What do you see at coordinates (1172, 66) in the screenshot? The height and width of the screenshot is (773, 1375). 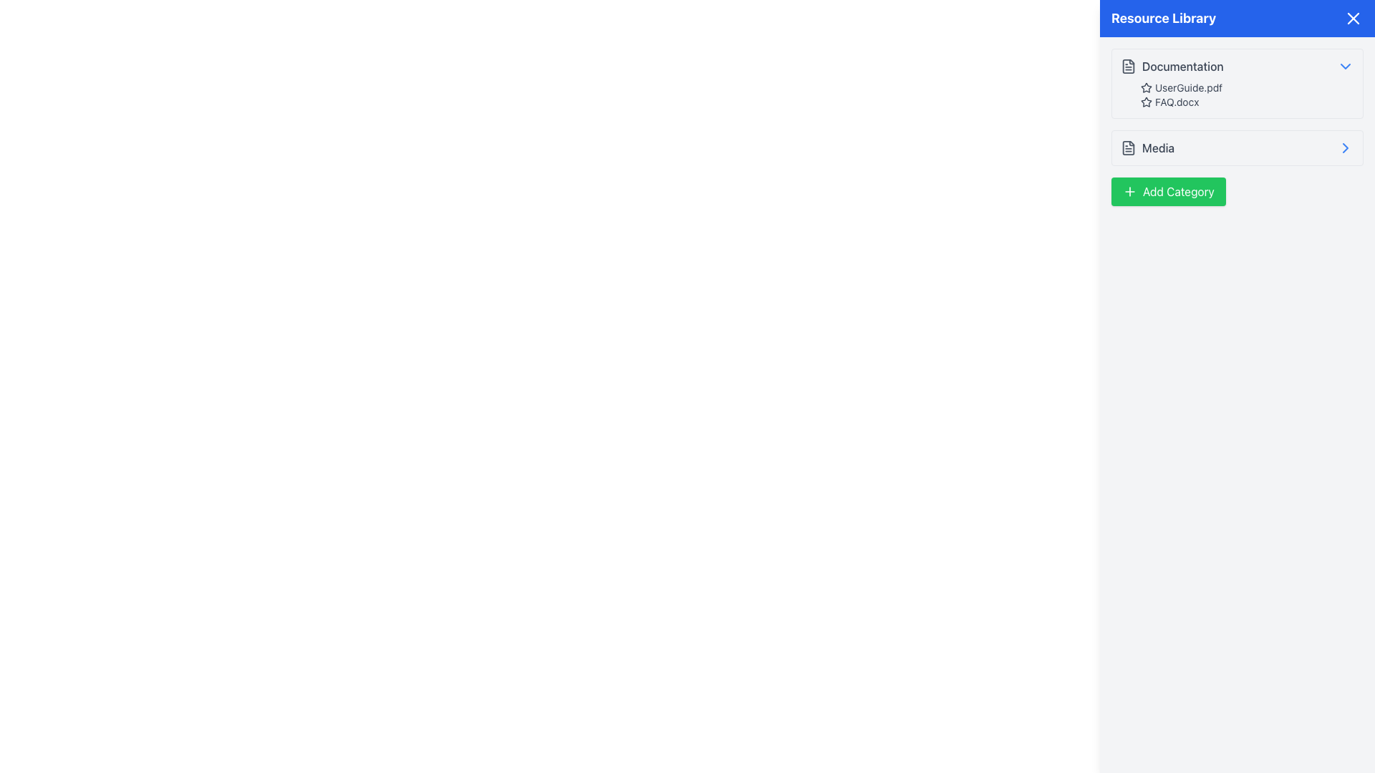 I see `the Category Header with Icon and Text labeled 'Documentation' in the Resource Library sidebar` at bounding box center [1172, 66].